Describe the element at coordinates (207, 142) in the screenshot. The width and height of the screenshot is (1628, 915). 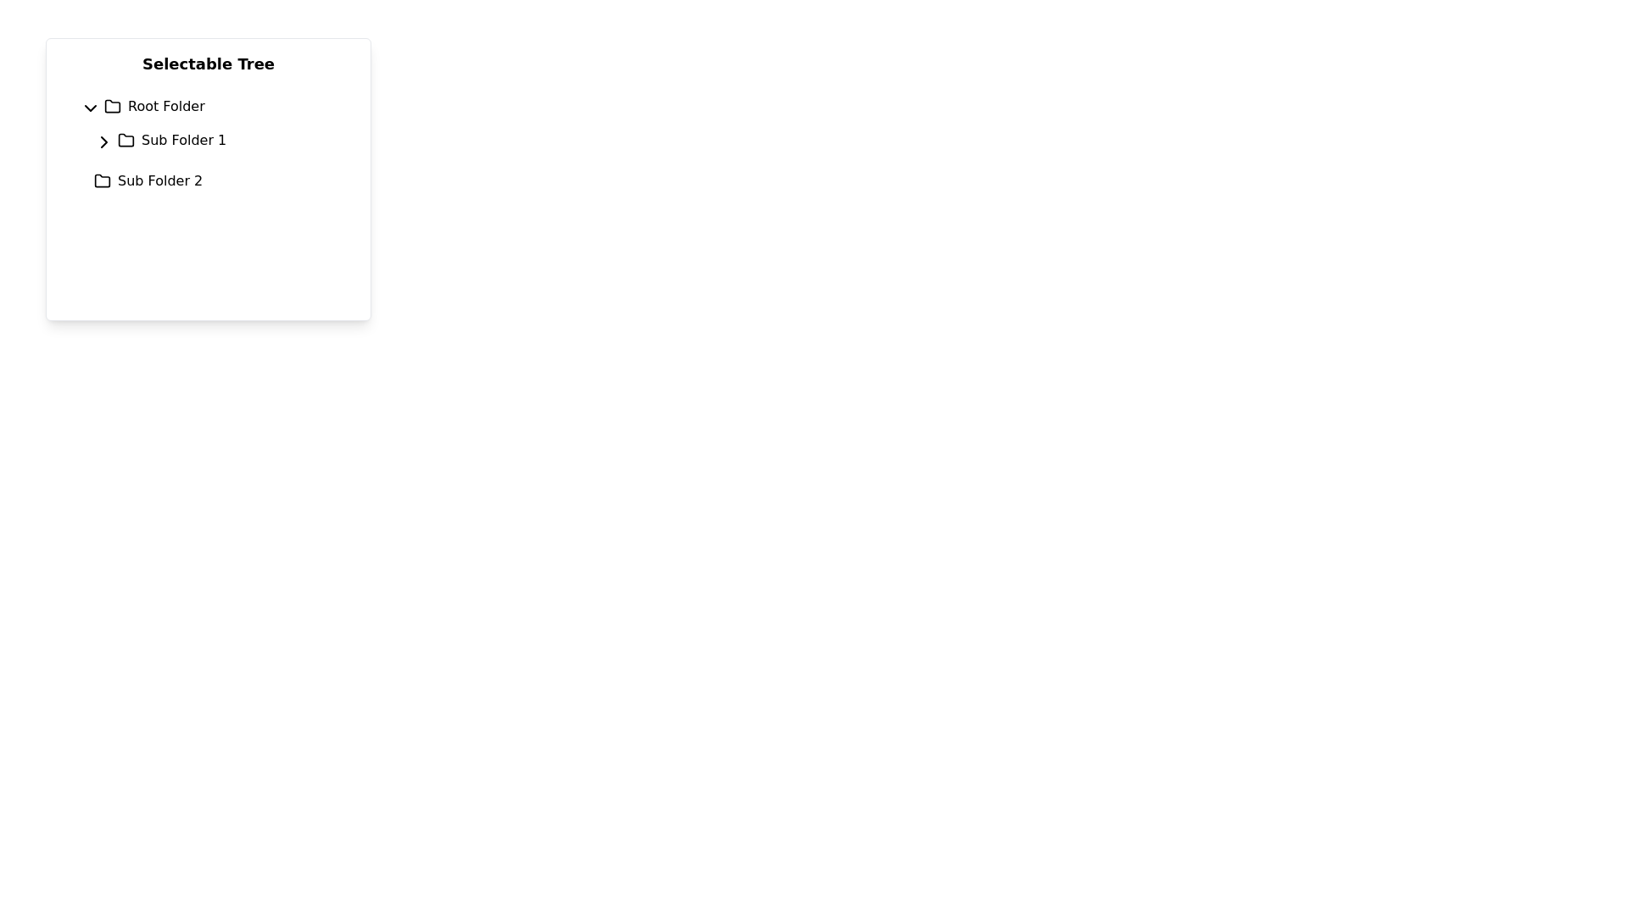
I see `the Tree View element displaying a hierarchical structure with a root folder named 'Root Folder' and two subfolders, 'Sub Folder 1' and 'Sub Folder 2', located within the 'Selectable Tree' card` at that location.